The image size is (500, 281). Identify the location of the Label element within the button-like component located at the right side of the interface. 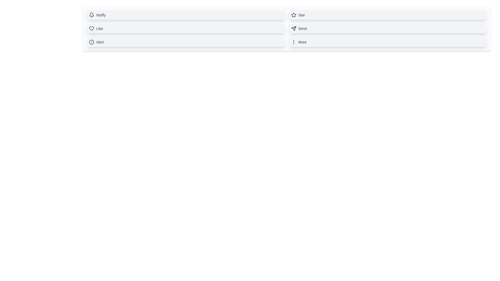
(302, 42).